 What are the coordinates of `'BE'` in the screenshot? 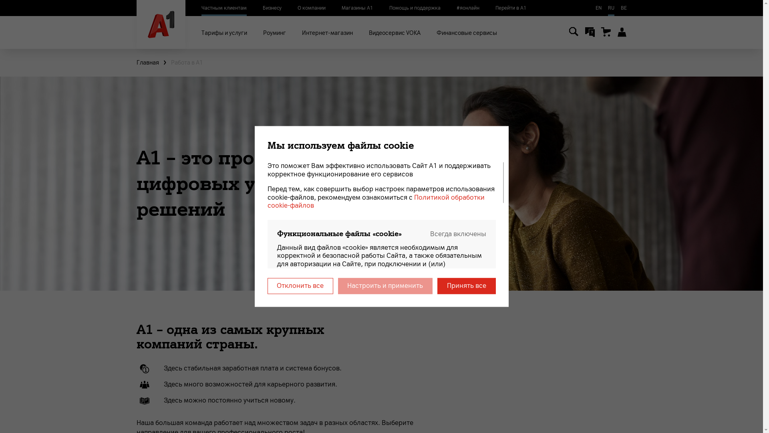 It's located at (623, 8).